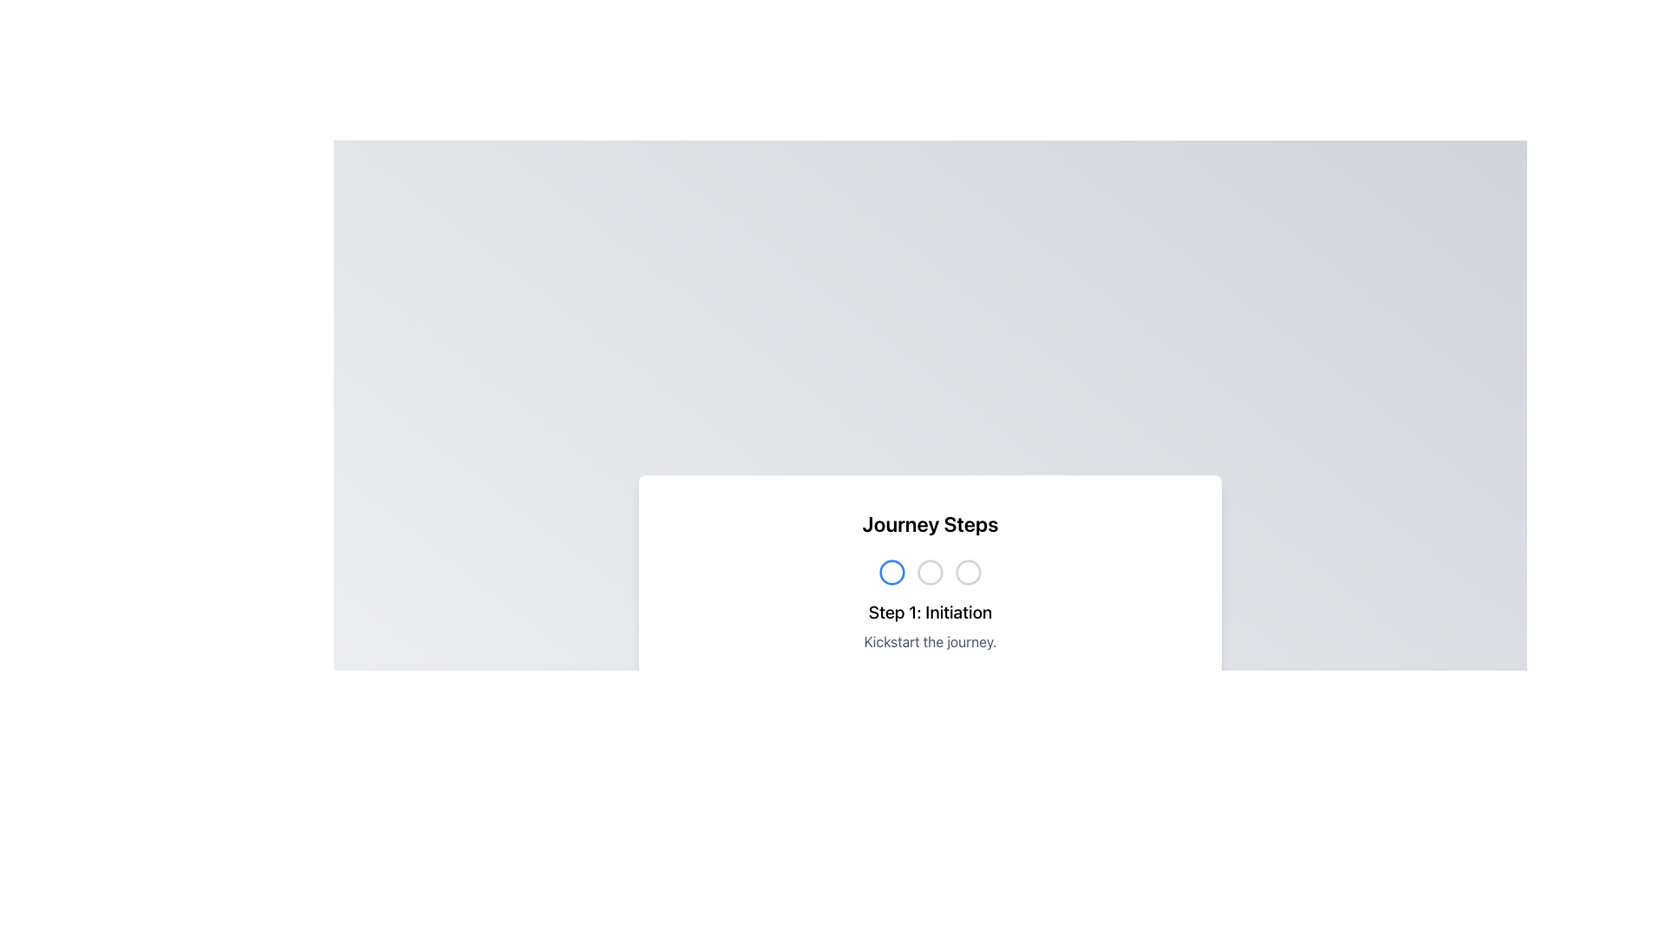 This screenshot has height=937, width=1665. I want to click on the second circular icon in a row of three icons, which has a light gray color and a thin outline, so click(930, 572).